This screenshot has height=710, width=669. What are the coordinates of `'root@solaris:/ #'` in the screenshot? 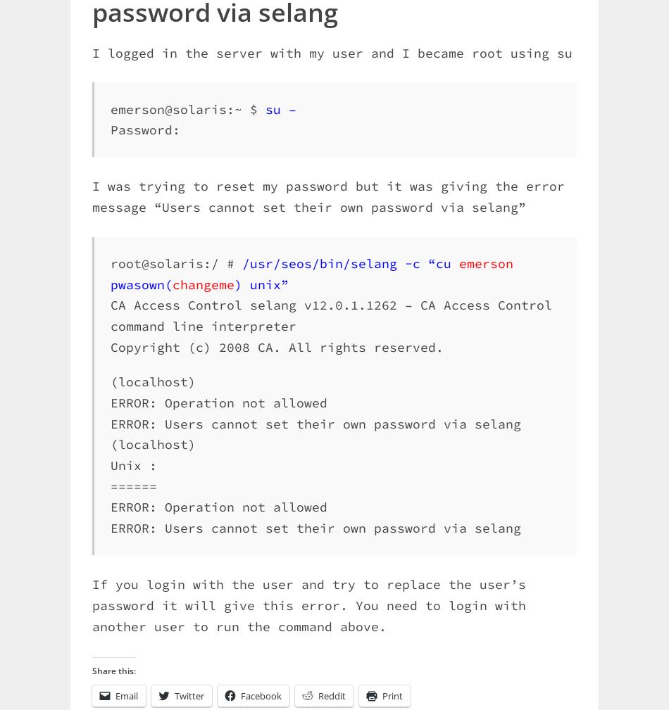 It's located at (175, 262).